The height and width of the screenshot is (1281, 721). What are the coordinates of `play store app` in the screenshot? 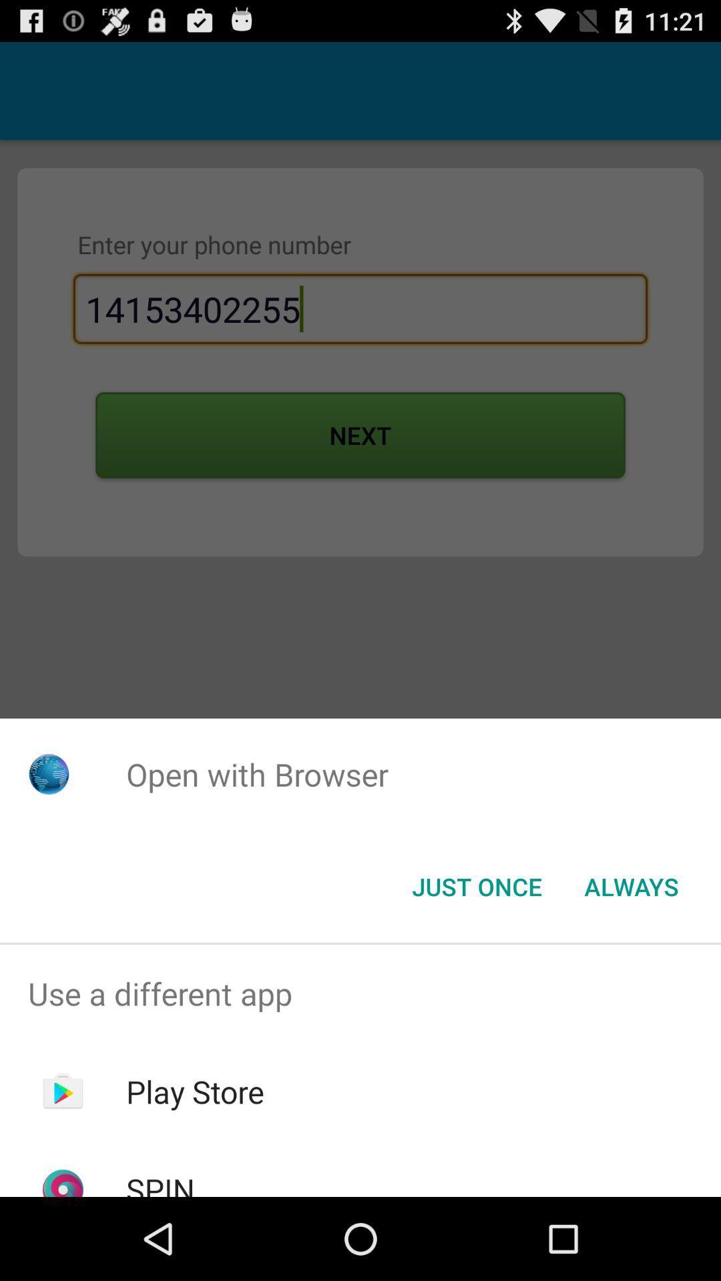 It's located at (195, 1092).